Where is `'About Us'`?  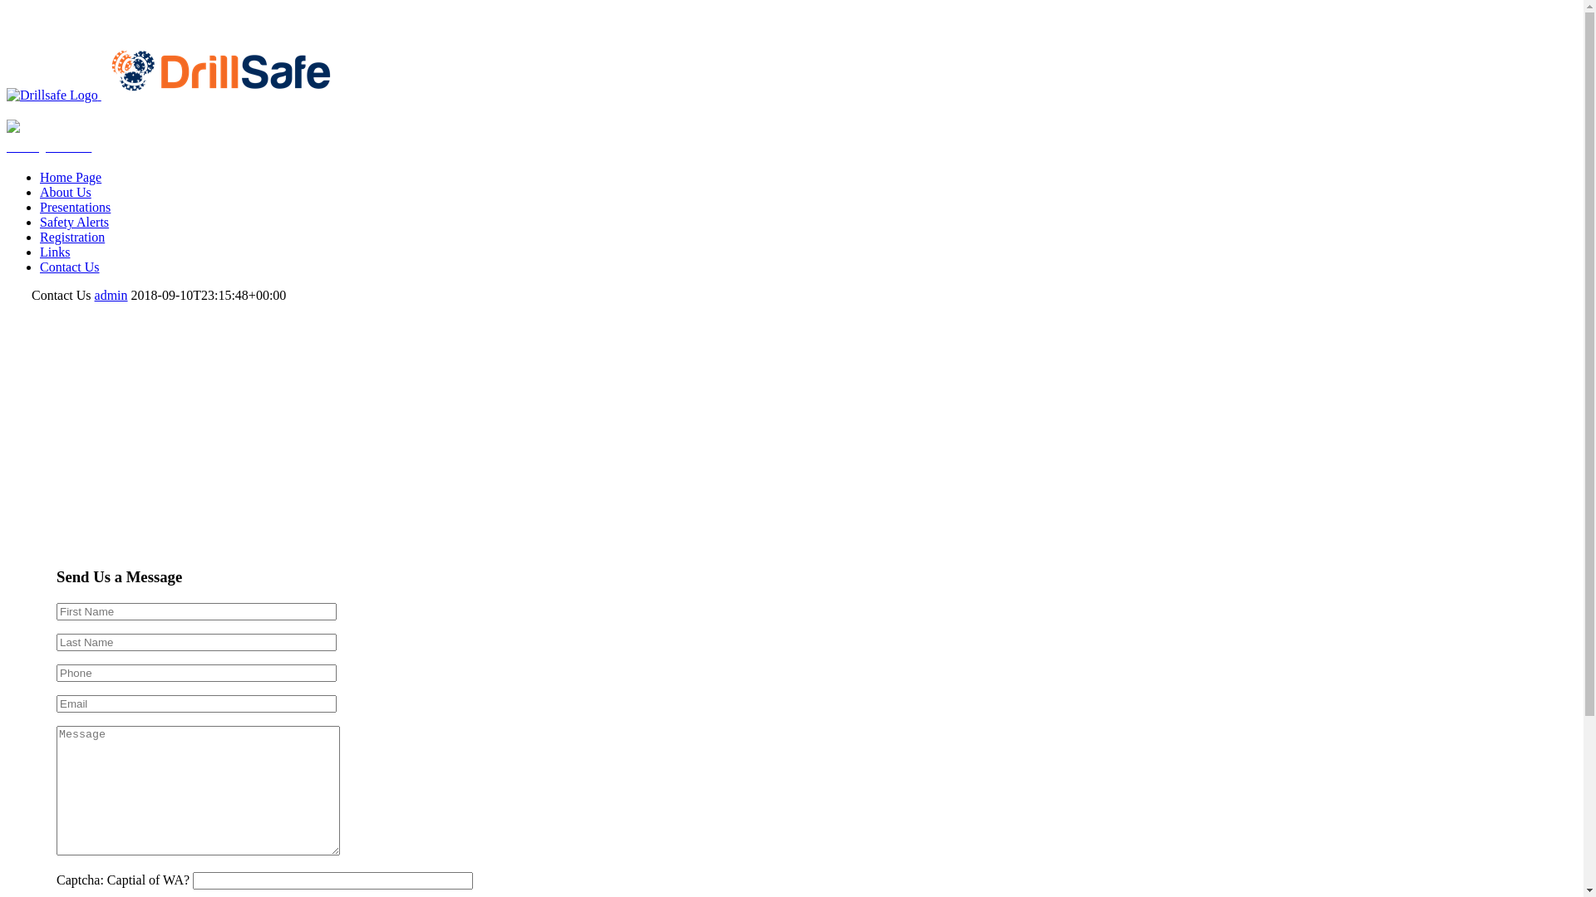
'About Us' is located at coordinates (65, 191).